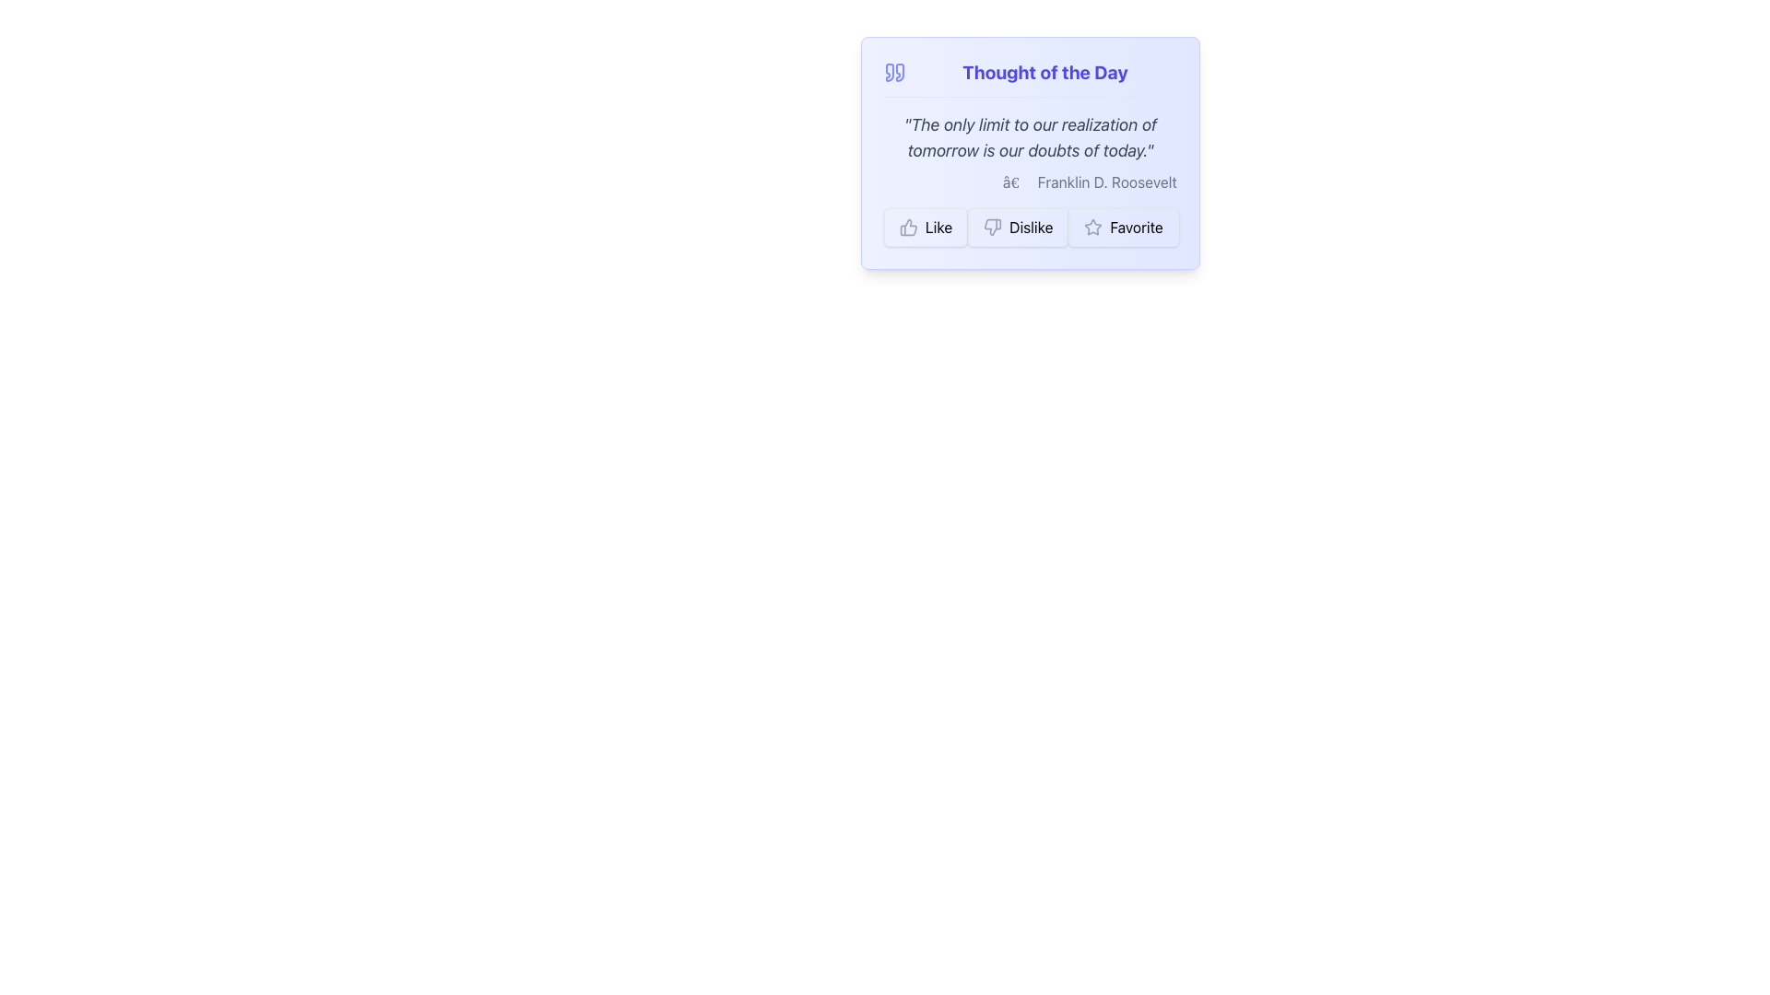 The image size is (1770, 995). I want to click on the 'Dislike' button, which is a rectangular button with rounded corners, featuring a thumb-down icon and the text 'Dislike', located below the 'Thought of the Day' content box, so click(1017, 226).